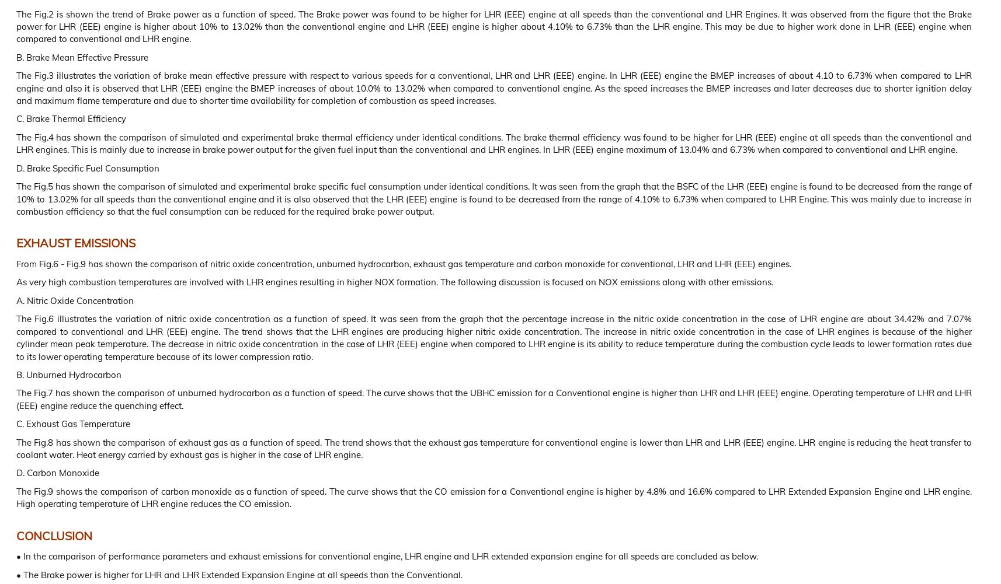 This screenshot has width=1001, height=584. Describe the element at coordinates (494, 448) in the screenshot. I see `'The Fig.8 has shown the comparison of exhaust gas as a function of speed. The trend shows that the exhaust
gas temperature for conventional engine is lower than LHR and LHR (EEE) engine. LHR engine is reducing the heat
transfer to coolant water. Heat energy carried by exhaust gas is higher in the case of LHR engine.'` at that location.